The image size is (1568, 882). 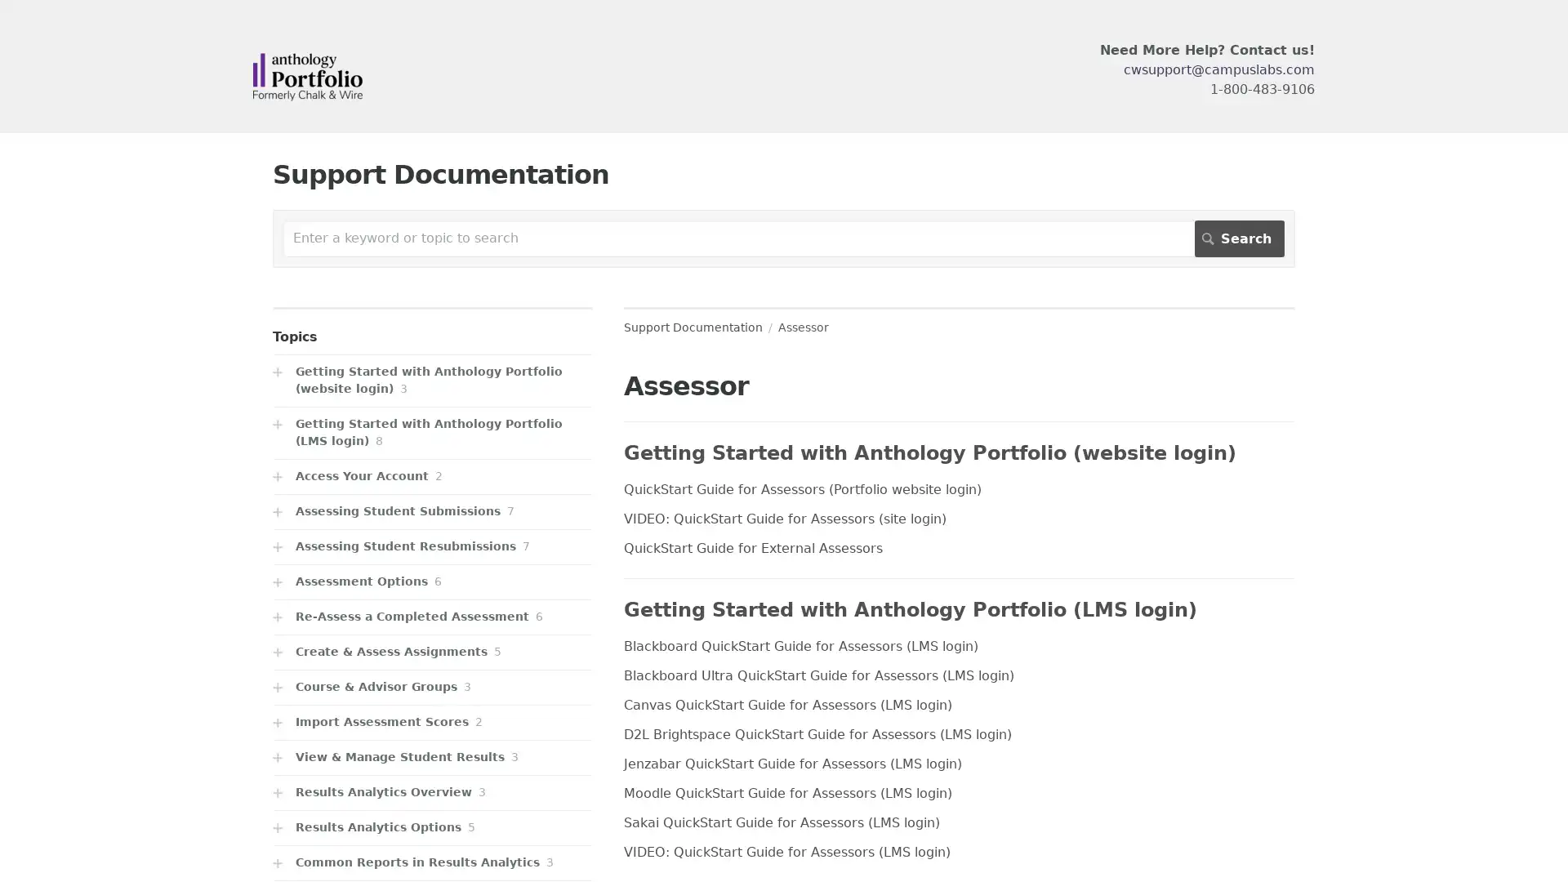 What do you see at coordinates (432, 476) in the screenshot?
I see `Access Your Account 2` at bounding box center [432, 476].